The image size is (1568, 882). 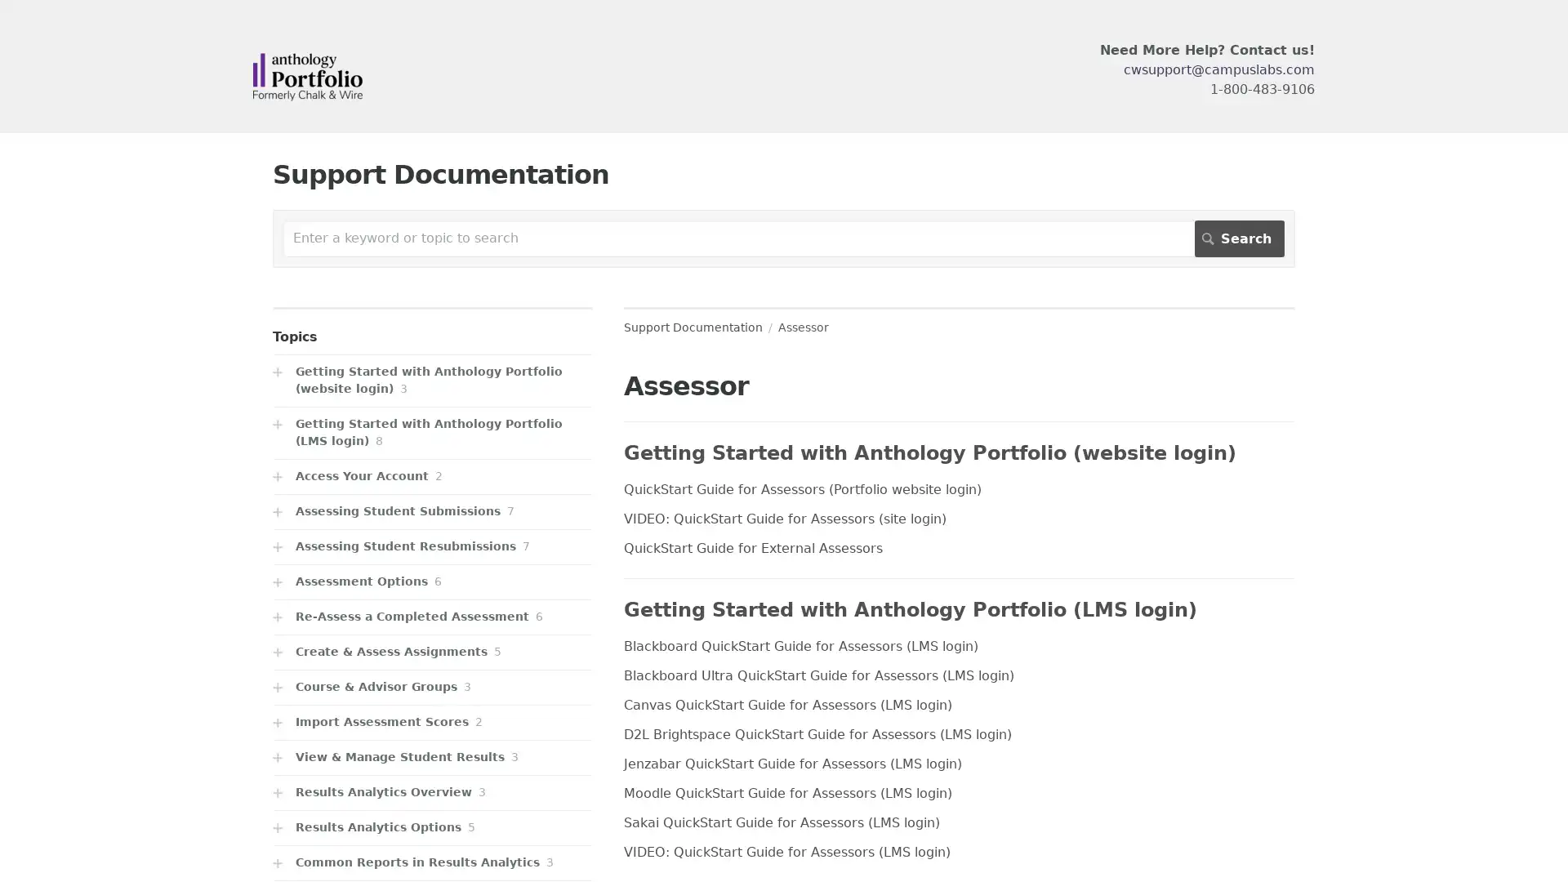 What do you see at coordinates (432, 476) in the screenshot?
I see `Access Your Account 2` at bounding box center [432, 476].